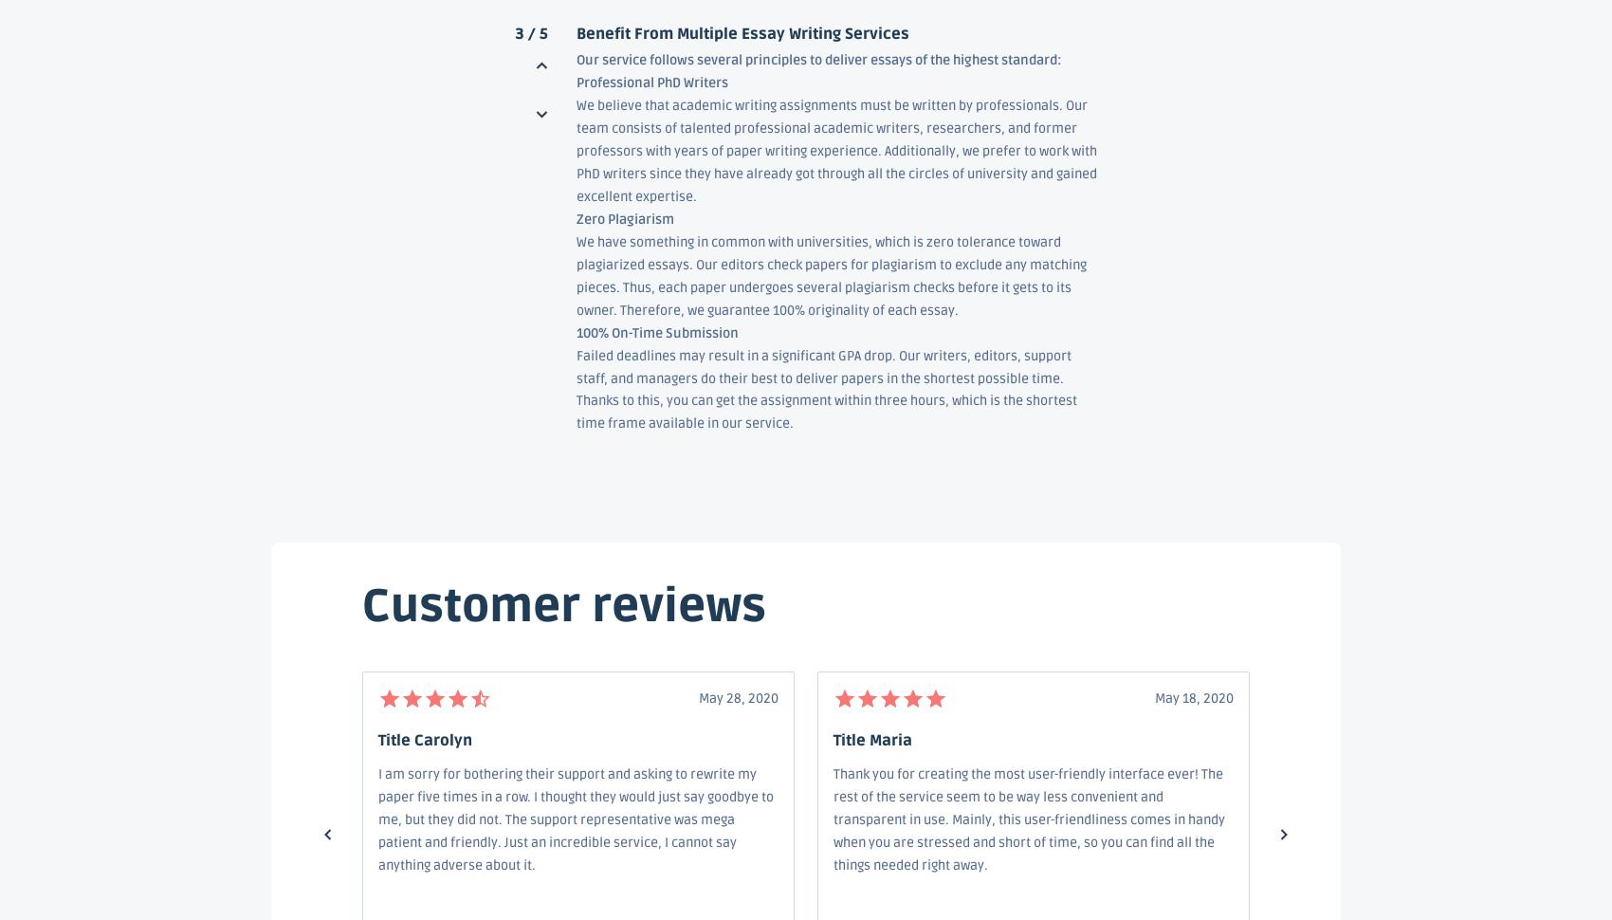  Describe the element at coordinates (640, 598) in the screenshot. I see `'Order an Assignment'` at that location.